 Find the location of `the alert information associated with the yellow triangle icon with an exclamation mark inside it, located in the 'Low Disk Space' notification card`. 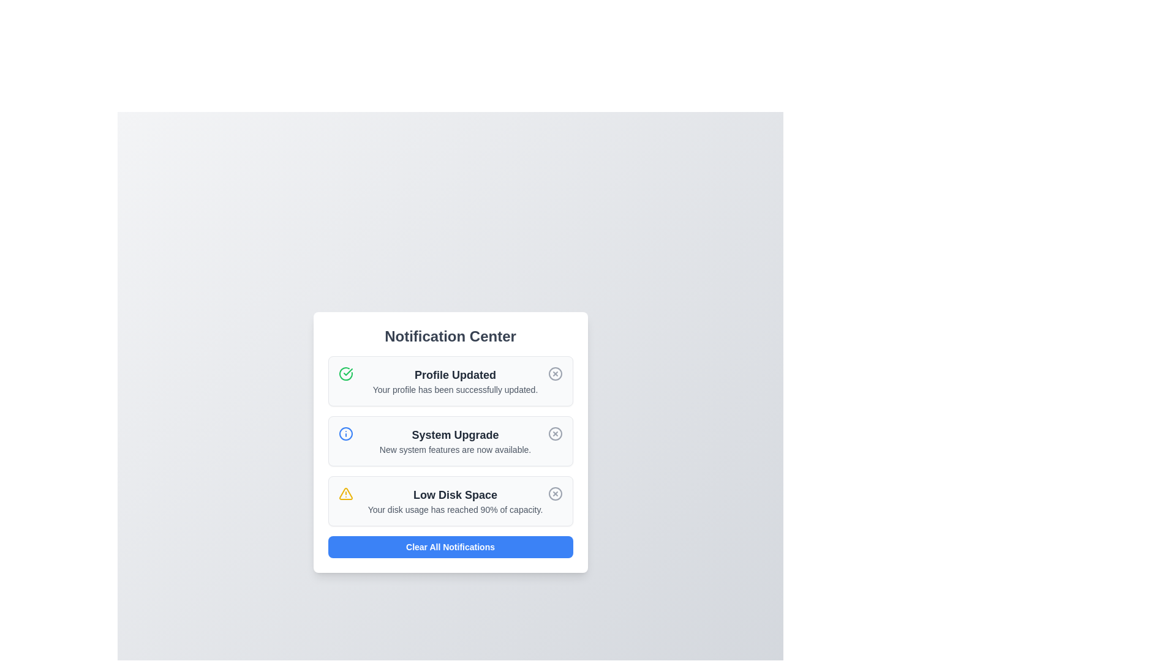

the alert information associated with the yellow triangle icon with an exclamation mark inside it, located in the 'Low Disk Space' notification card is located at coordinates (345, 493).